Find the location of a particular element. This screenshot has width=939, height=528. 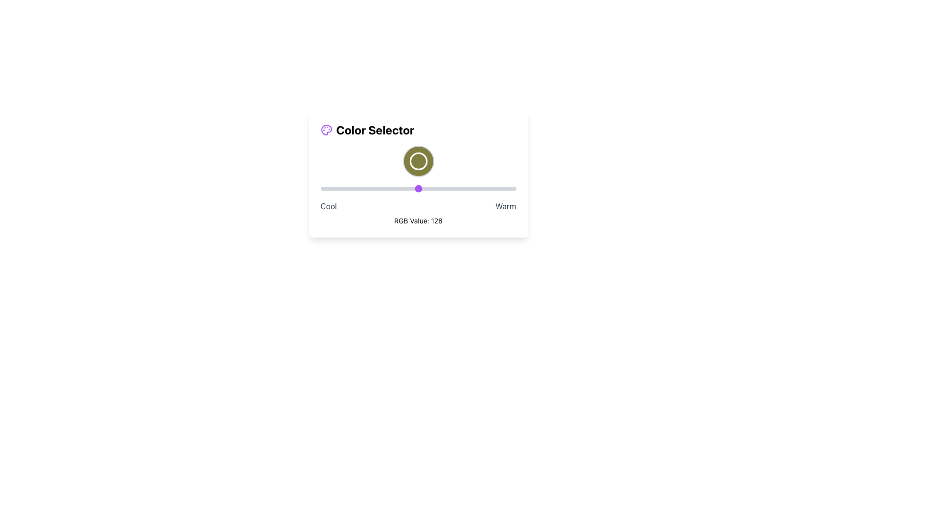

the color selector is located at coordinates (473, 188).